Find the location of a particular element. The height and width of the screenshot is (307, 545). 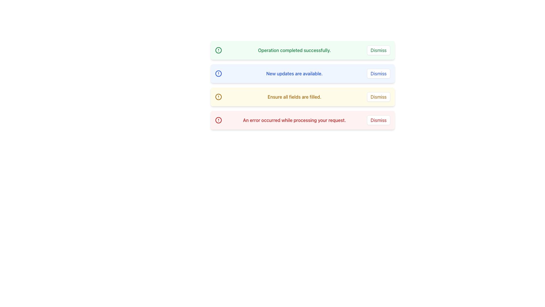

the 'Dismiss' button within the blue notification box that contains the message 'New updates are available.' is located at coordinates (378, 73).